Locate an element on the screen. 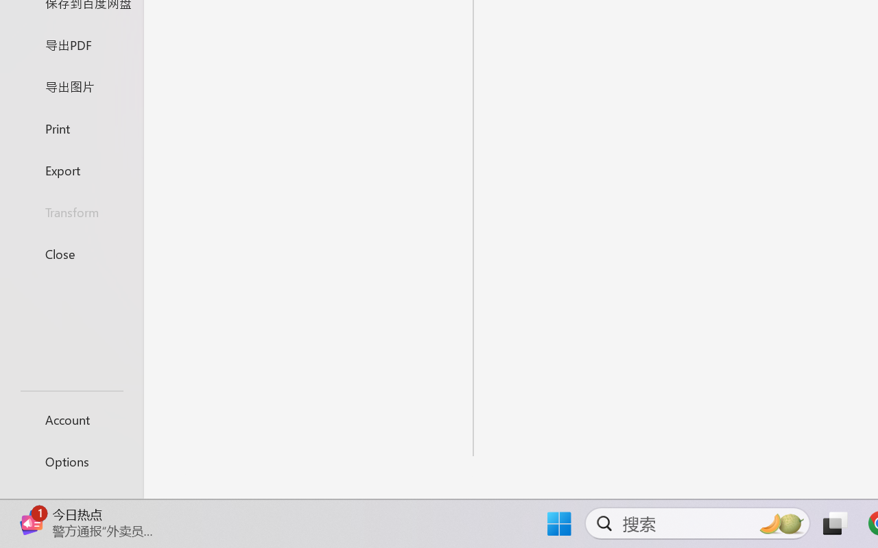  'Transform' is located at coordinates (71, 211).